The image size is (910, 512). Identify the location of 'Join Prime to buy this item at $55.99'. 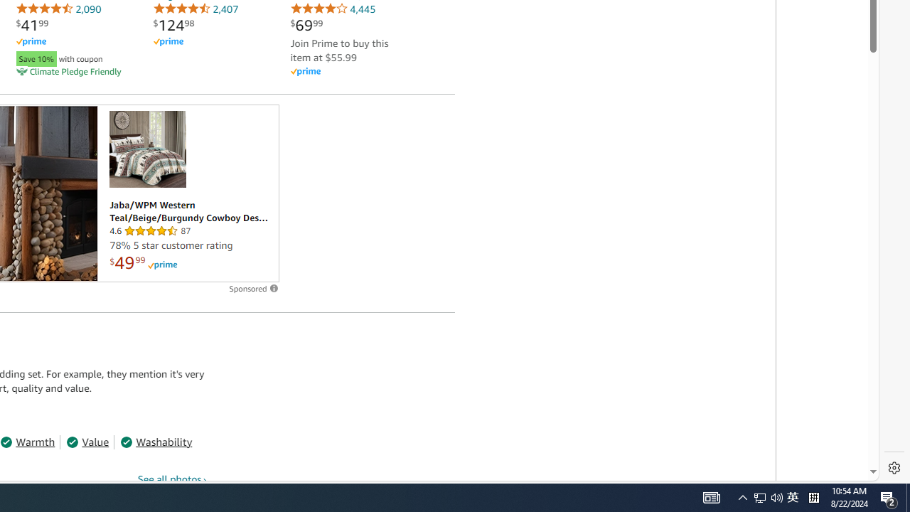
(338, 49).